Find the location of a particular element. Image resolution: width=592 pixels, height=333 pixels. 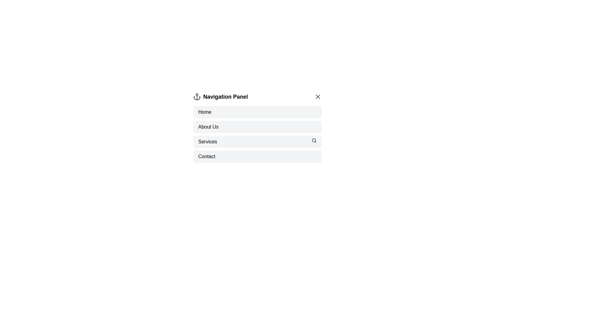

the 'Services' text label in the navigation panel is located at coordinates (208, 142).